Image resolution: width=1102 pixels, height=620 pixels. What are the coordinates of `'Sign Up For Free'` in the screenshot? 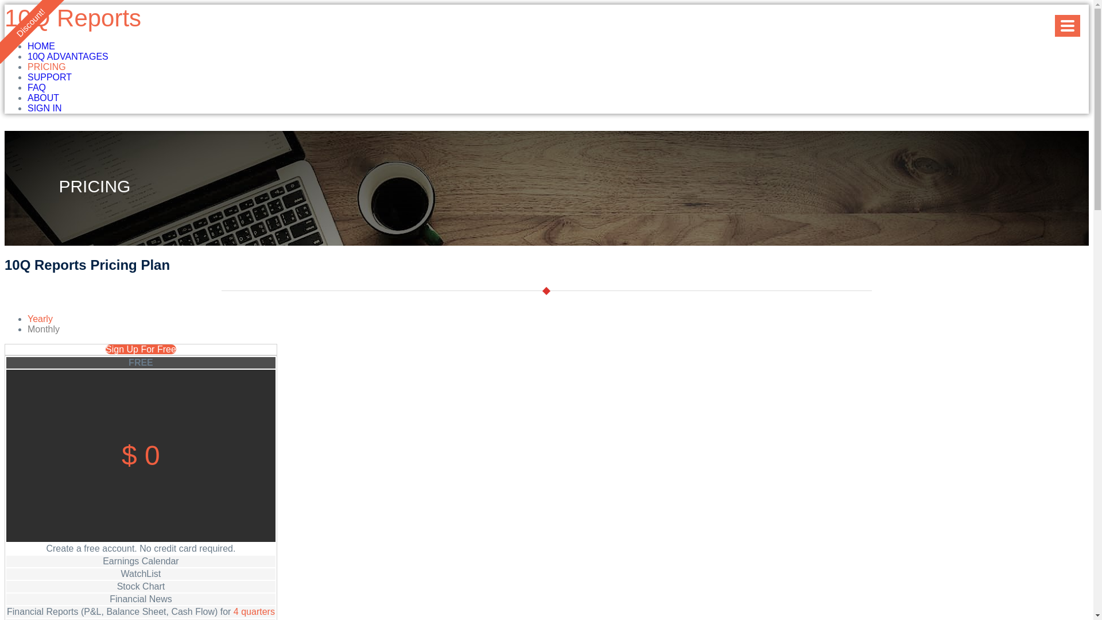 It's located at (140, 348).